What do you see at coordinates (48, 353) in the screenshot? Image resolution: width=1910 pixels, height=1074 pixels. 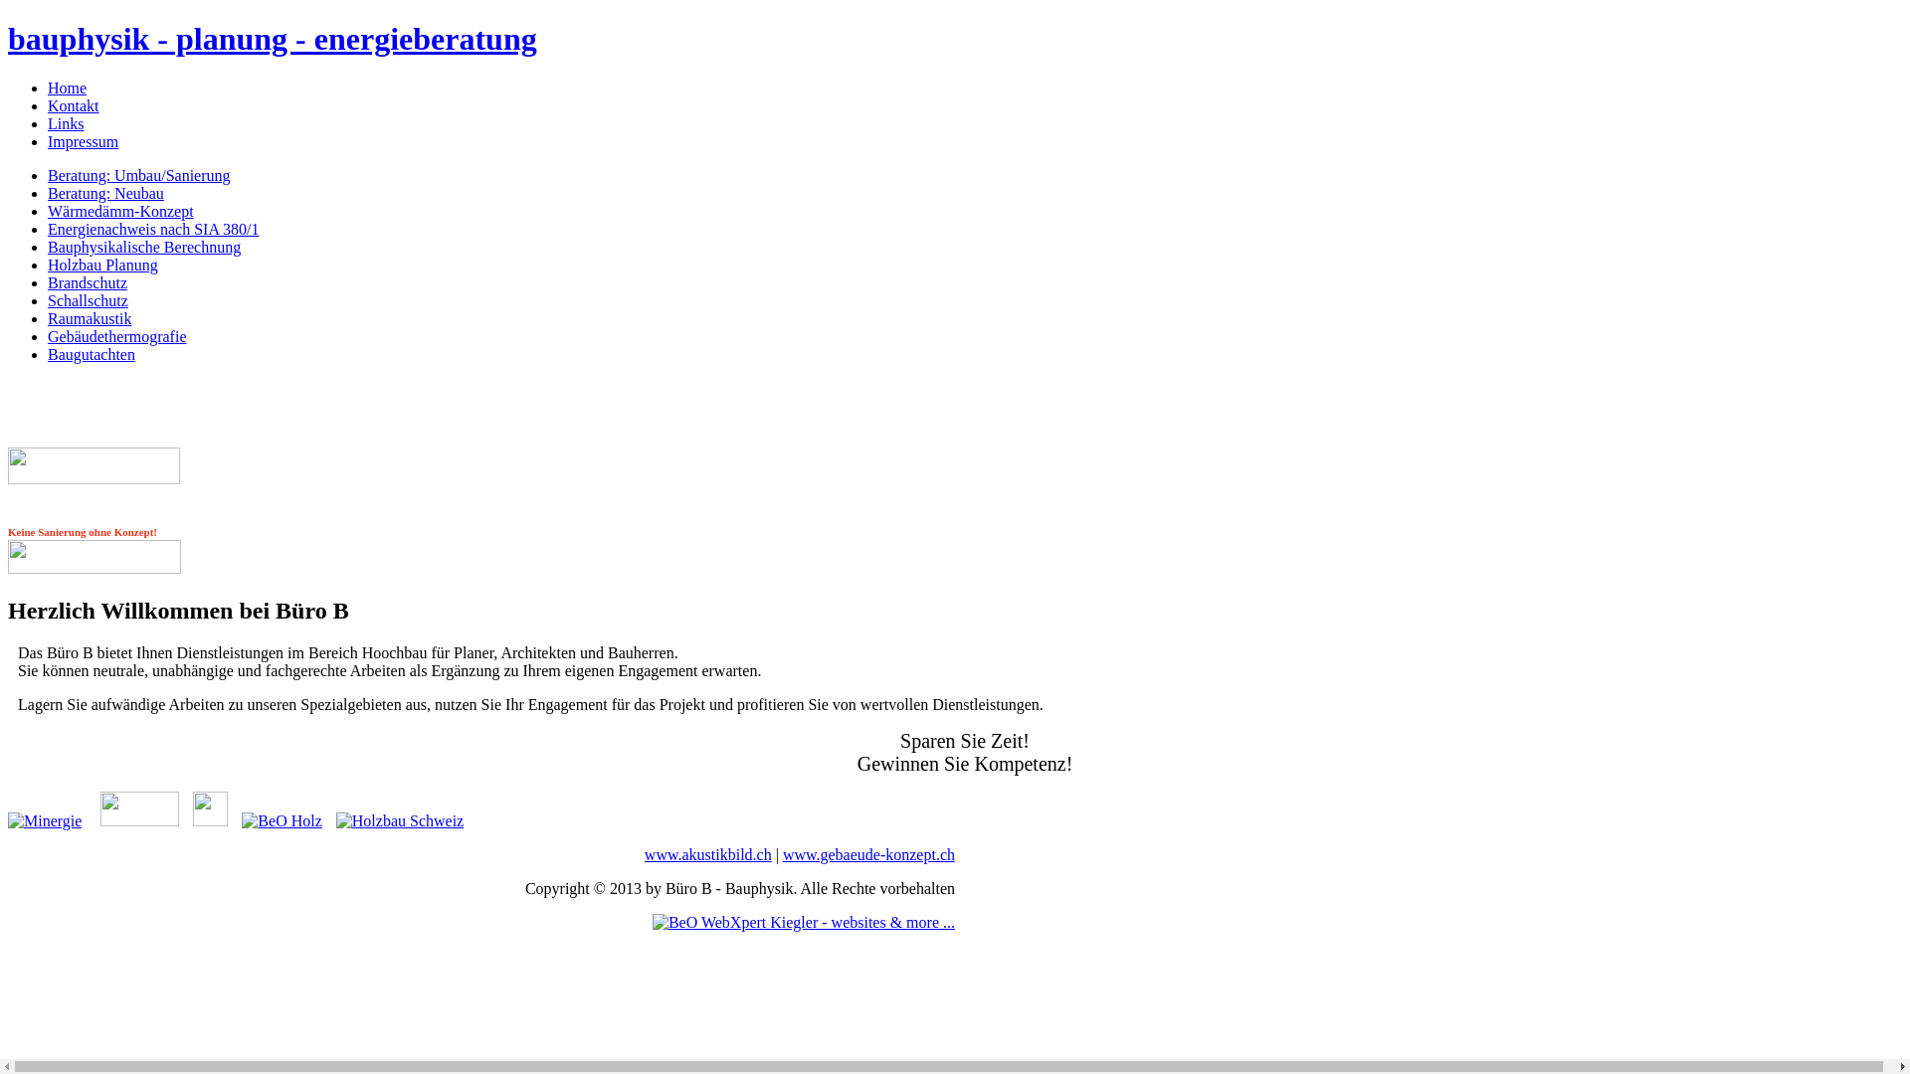 I see `'Baugutachten'` at bounding box center [48, 353].